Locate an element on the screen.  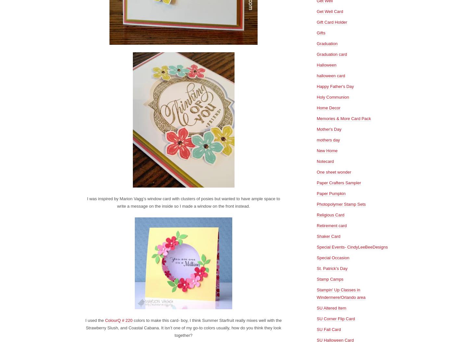
'Religious Card' is located at coordinates (330, 214).